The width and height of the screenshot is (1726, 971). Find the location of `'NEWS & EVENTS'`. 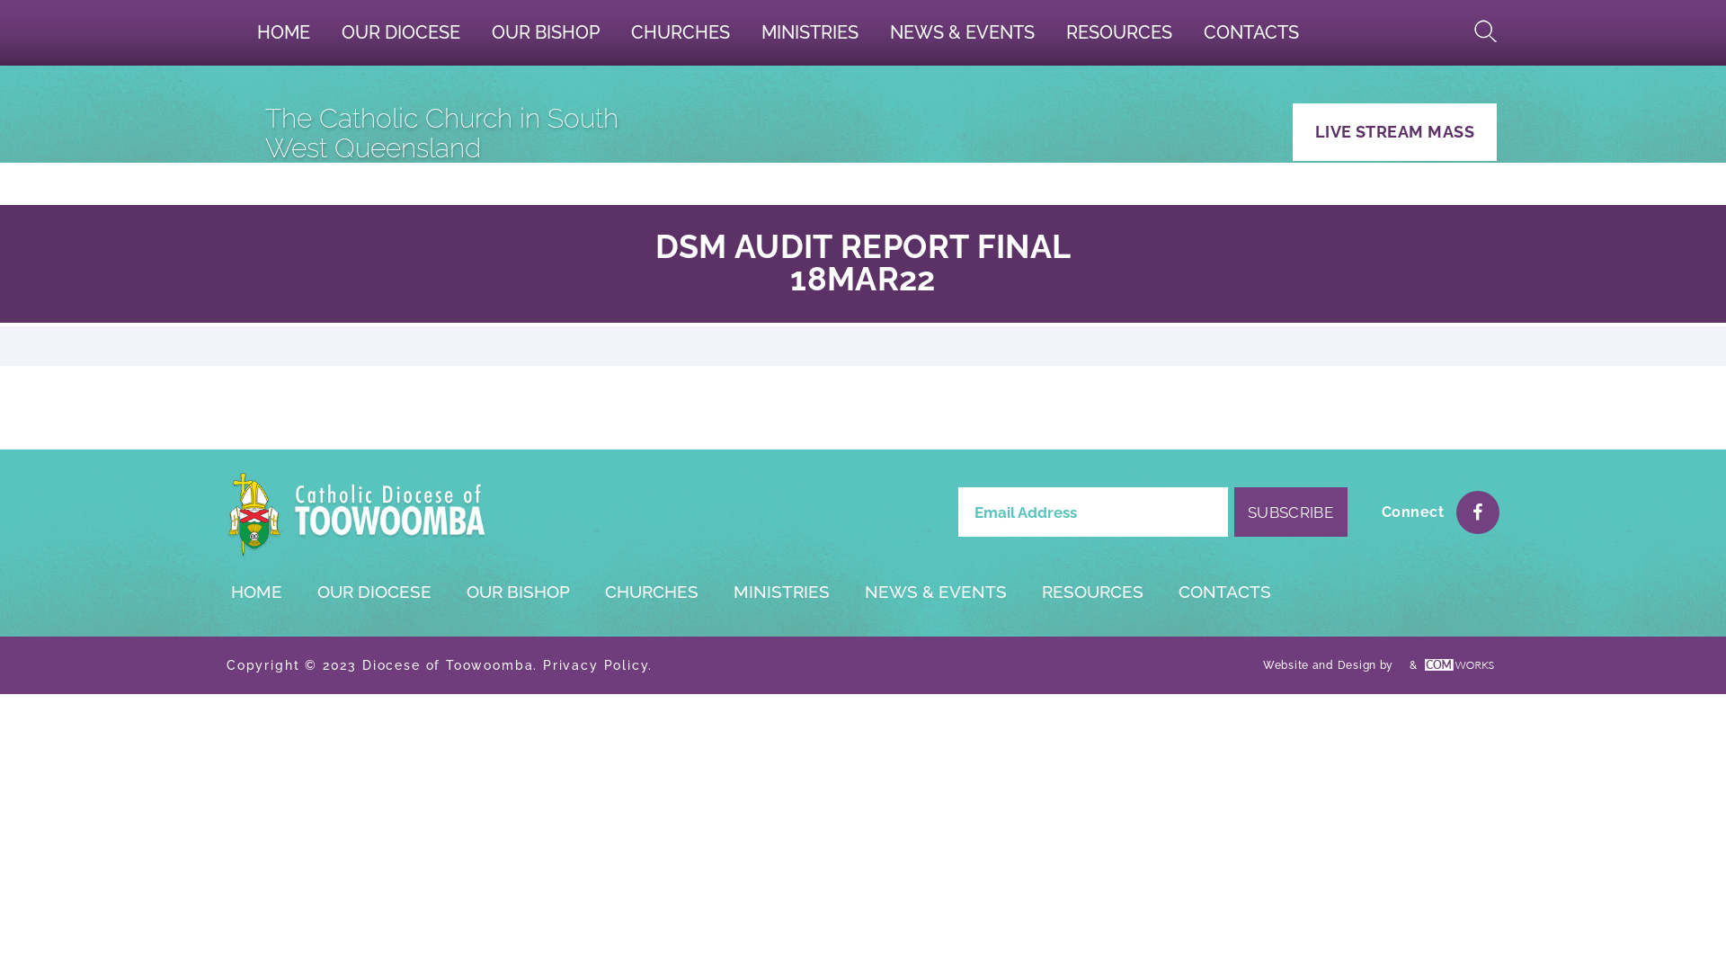

'NEWS & EVENTS' is located at coordinates (935, 592).